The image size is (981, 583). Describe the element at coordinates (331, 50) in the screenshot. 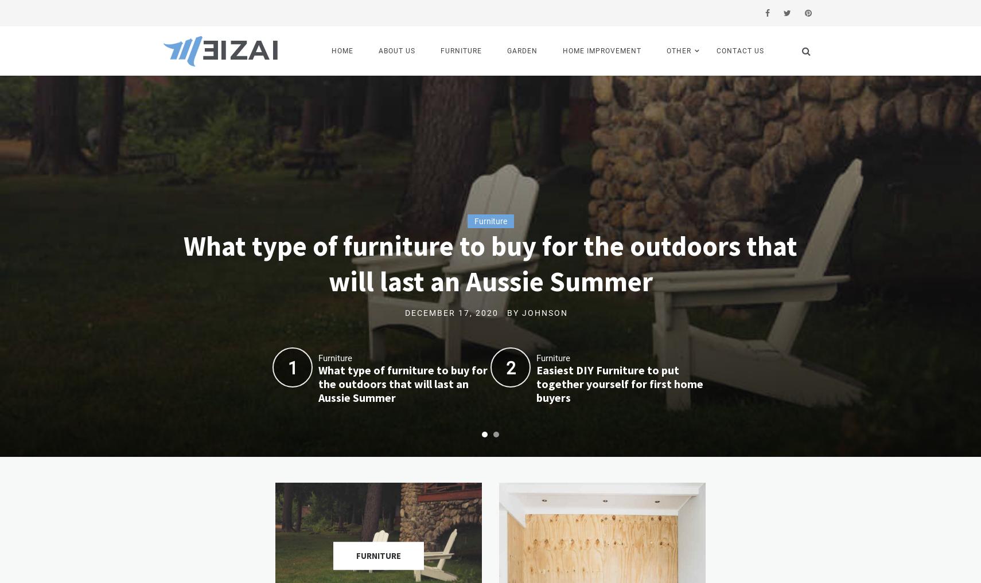

I see `'Home'` at that location.